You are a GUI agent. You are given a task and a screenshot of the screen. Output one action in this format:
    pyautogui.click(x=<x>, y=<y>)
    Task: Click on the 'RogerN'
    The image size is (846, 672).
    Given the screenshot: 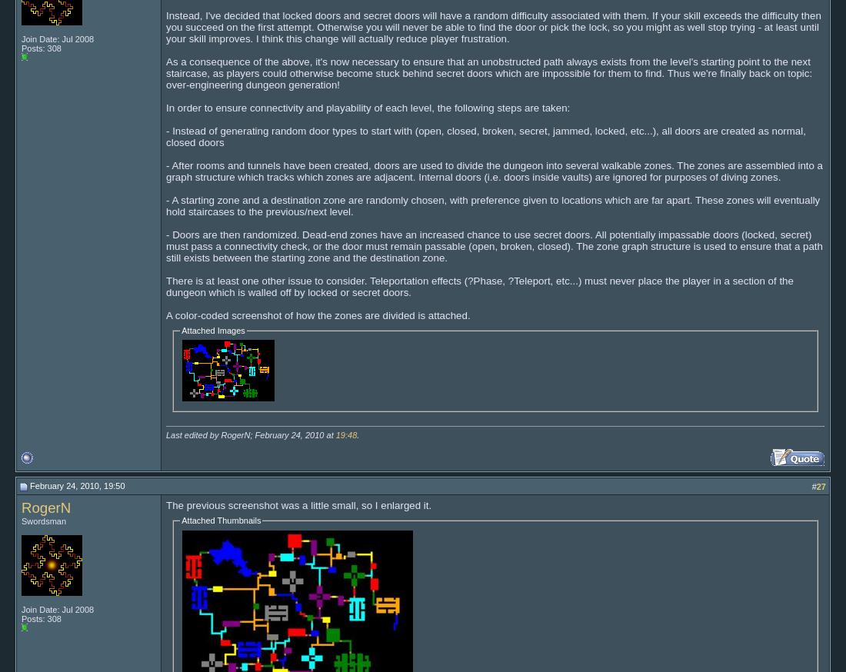 What is the action you would take?
    pyautogui.click(x=21, y=507)
    